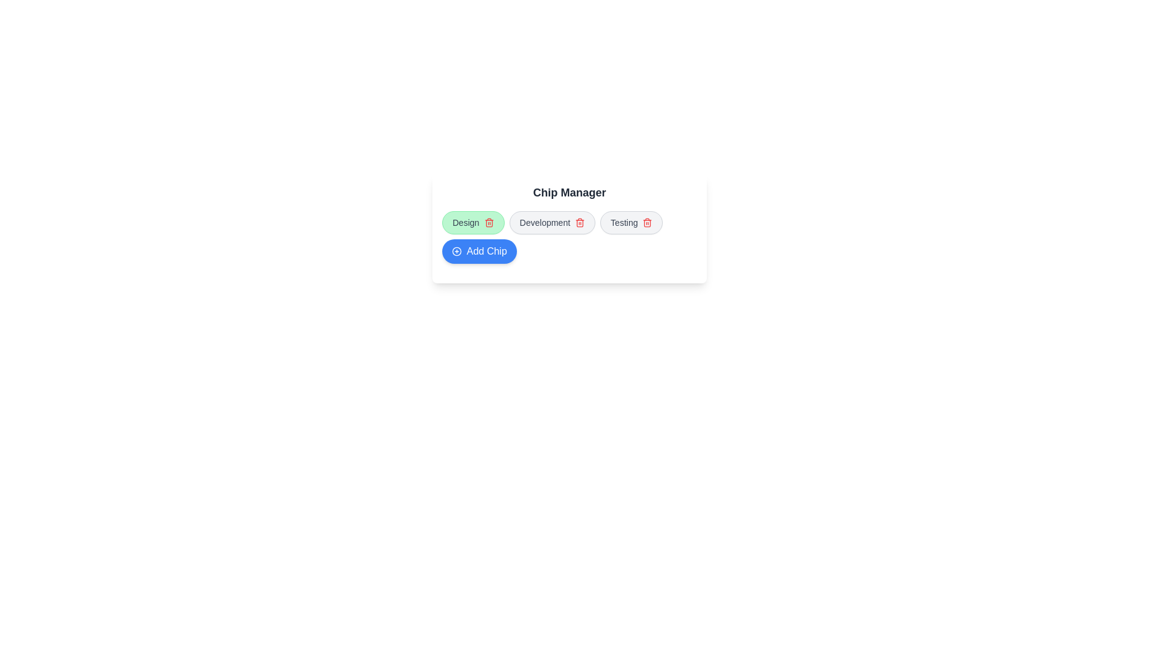 This screenshot has height=661, width=1176. Describe the element at coordinates (631, 222) in the screenshot. I see `the chip labeled Testing to toggle its active state` at that location.